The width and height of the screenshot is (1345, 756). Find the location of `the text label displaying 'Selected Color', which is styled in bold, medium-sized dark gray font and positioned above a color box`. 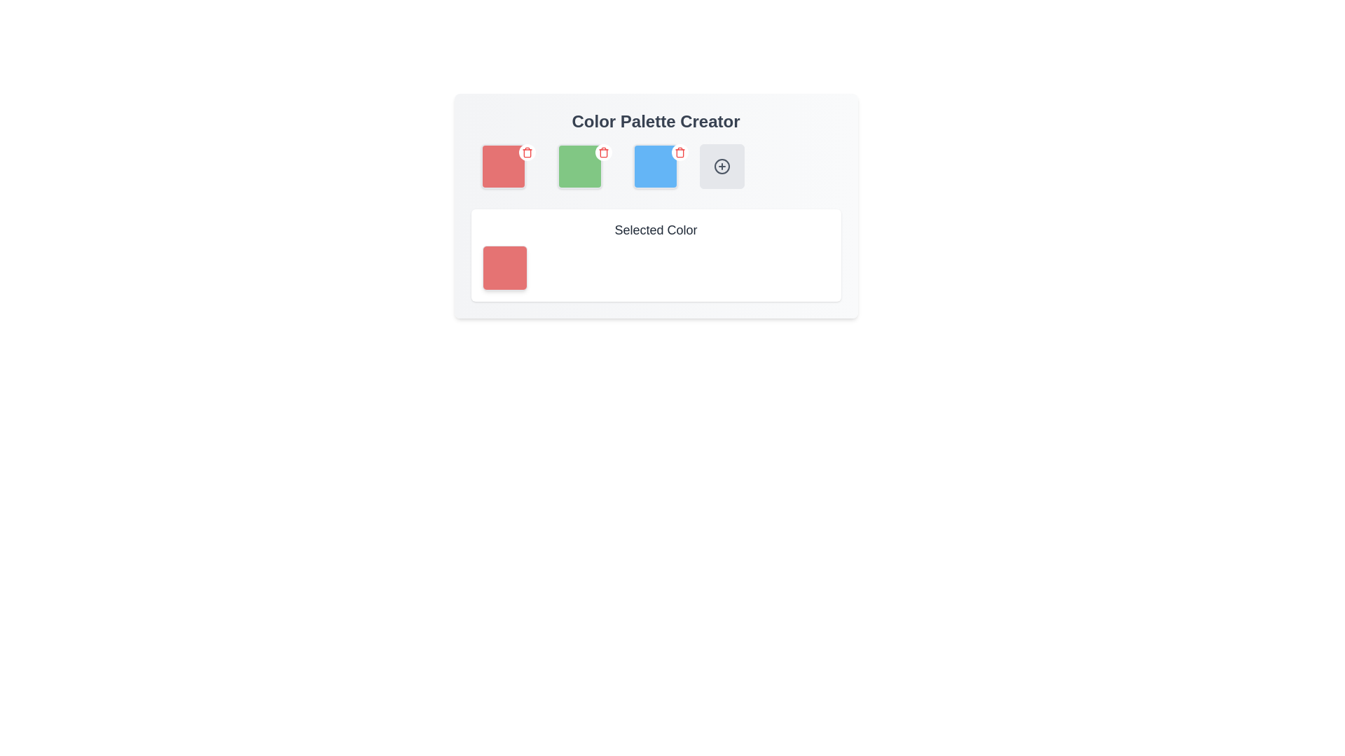

the text label displaying 'Selected Color', which is styled in bold, medium-sized dark gray font and positioned above a color box is located at coordinates (655, 229).